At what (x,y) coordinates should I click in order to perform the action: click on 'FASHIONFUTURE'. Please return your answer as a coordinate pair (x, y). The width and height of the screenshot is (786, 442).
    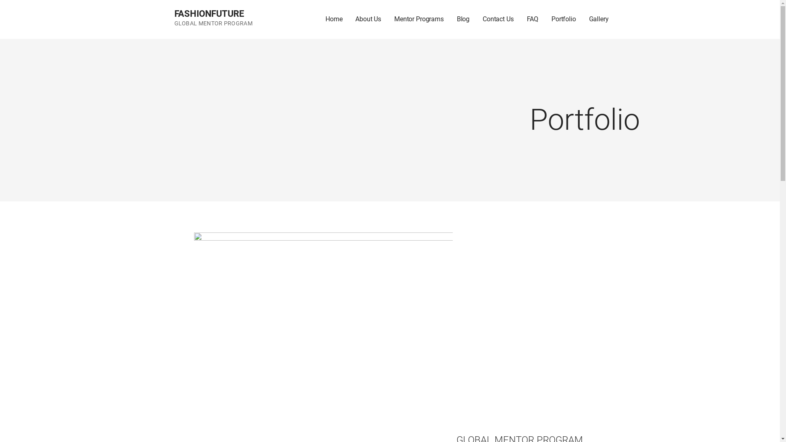
    Looking at the image, I should click on (209, 14).